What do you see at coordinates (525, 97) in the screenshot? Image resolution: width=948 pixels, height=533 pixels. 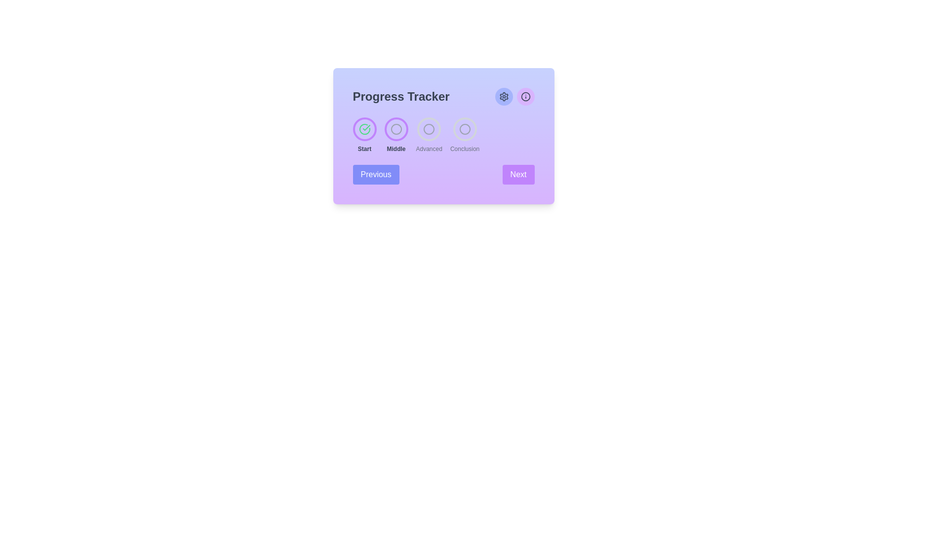 I see `the circular element within the SVG that represents the outline of the 'info' icon, located towards the top-right corner of the dialog interface` at bounding box center [525, 97].